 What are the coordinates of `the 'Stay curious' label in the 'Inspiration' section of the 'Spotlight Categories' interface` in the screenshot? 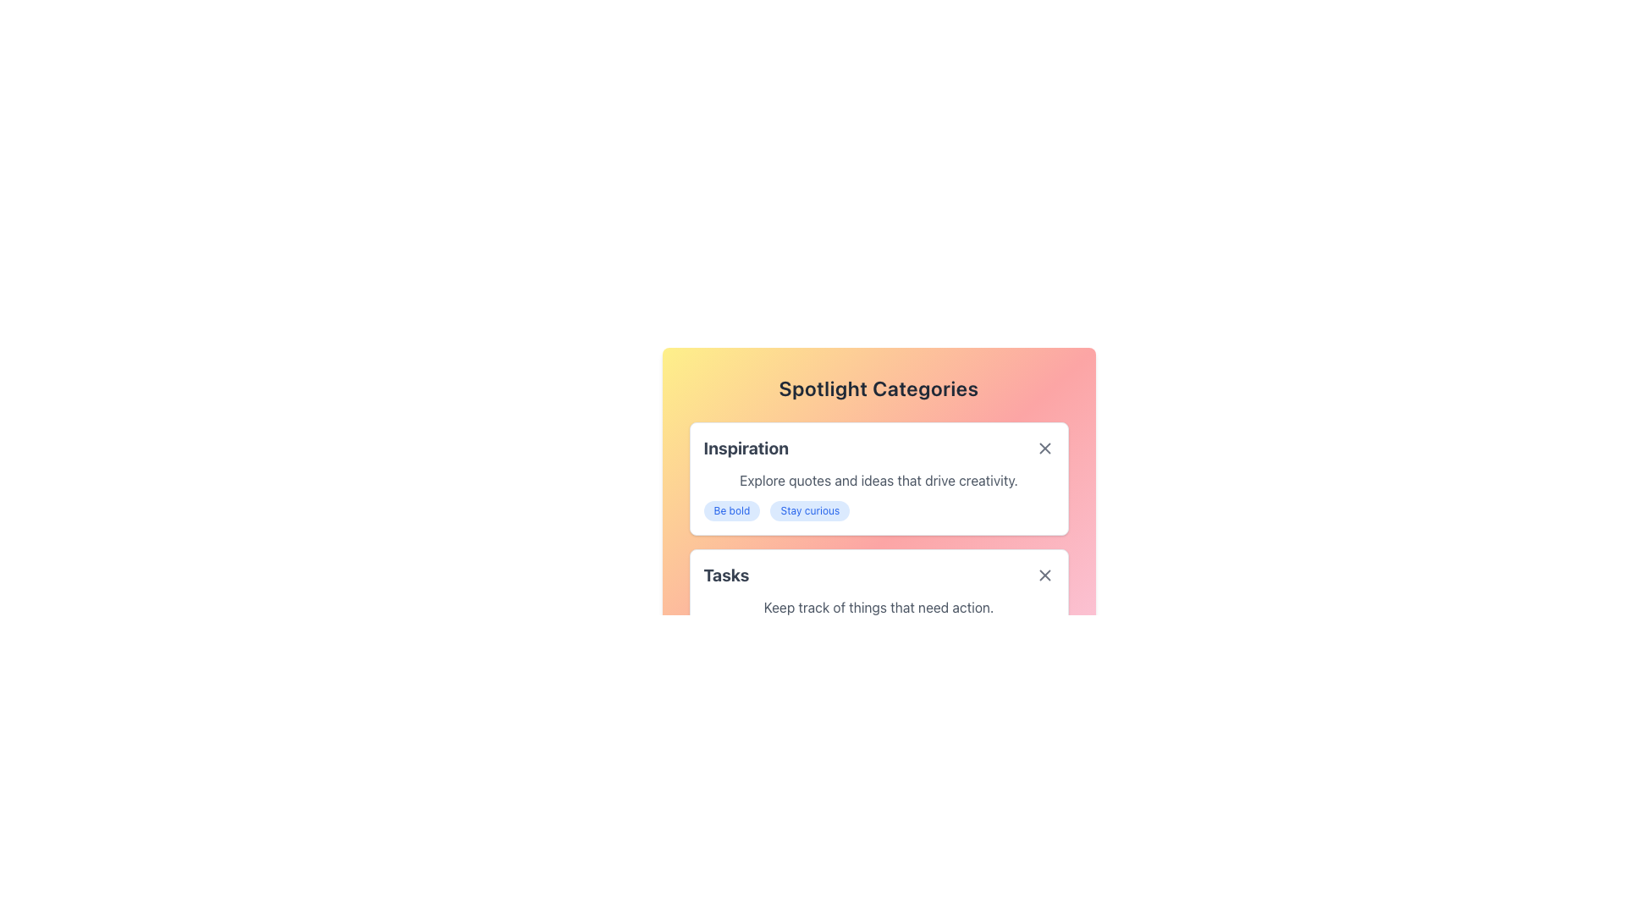 It's located at (809, 510).